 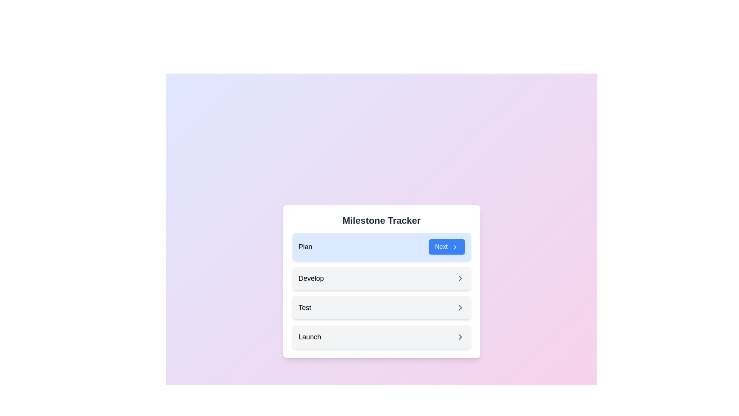 I want to click on the clickable item labeled 'Test' in the 'Milestone Tracker' card layout, so click(x=381, y=307).